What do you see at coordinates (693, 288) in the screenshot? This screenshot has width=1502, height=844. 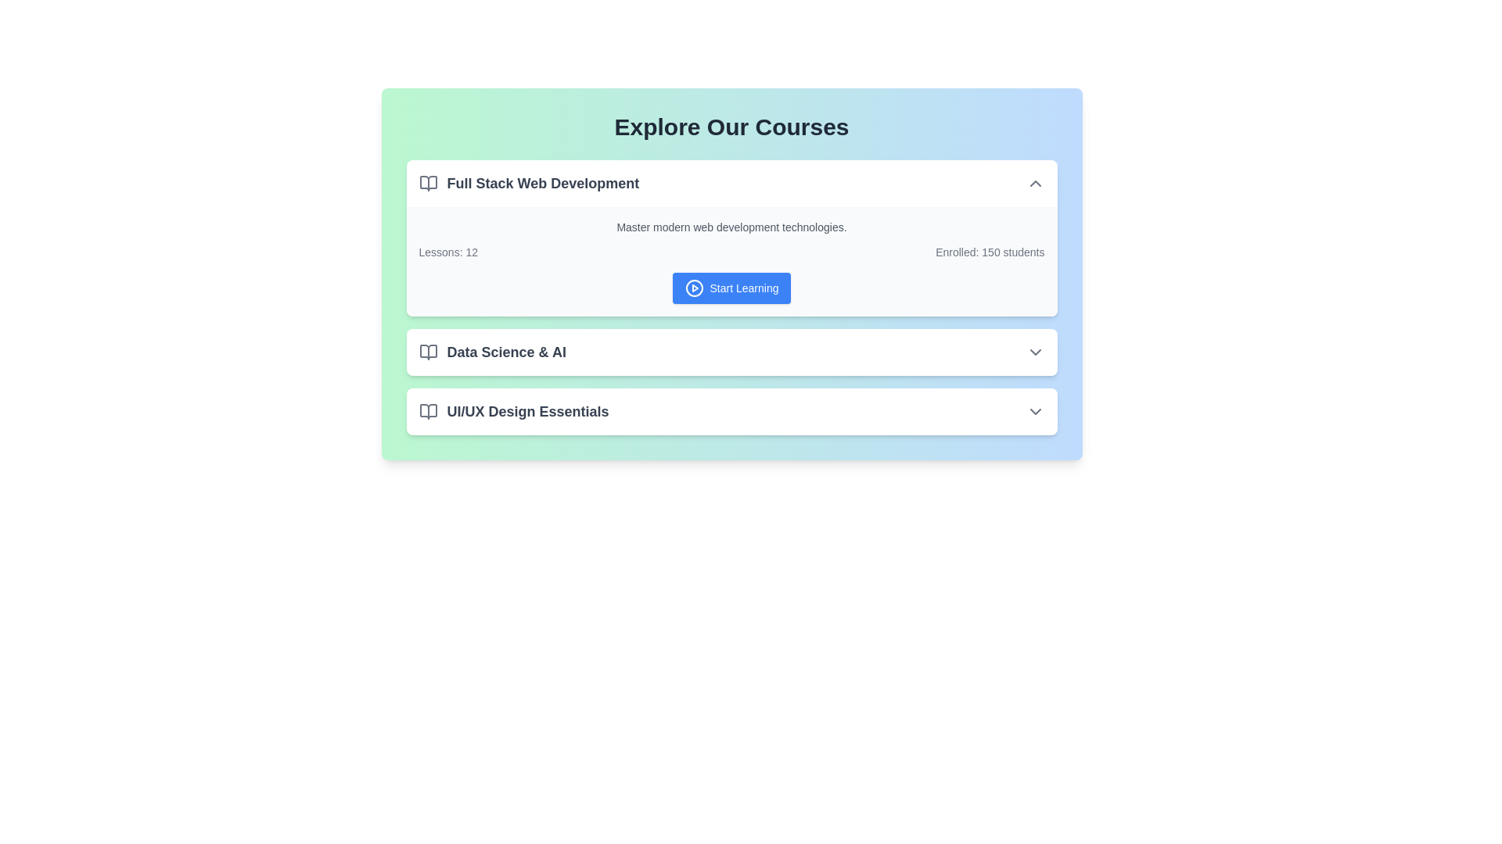 I see `the play icon located to the left of the 'Start Learning' button in the 'Full Stack Web Development' card` at bounding box center [693, 288].